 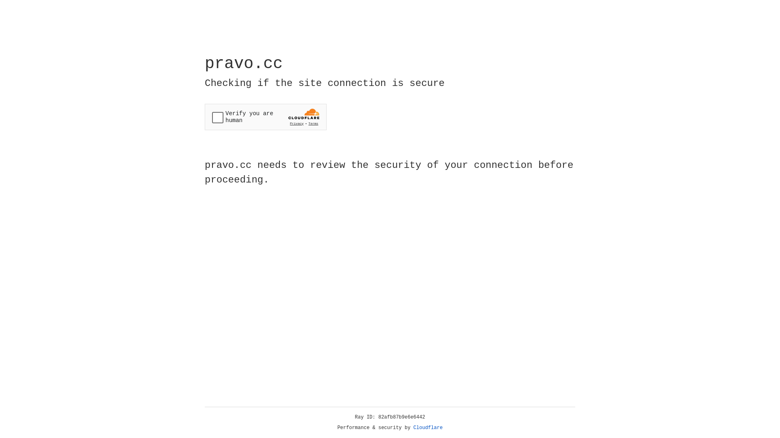 What do you see at coordinates (428, 427) in the screenshot?
I see `'Cloudflare'` at bounding box center [428, 427].